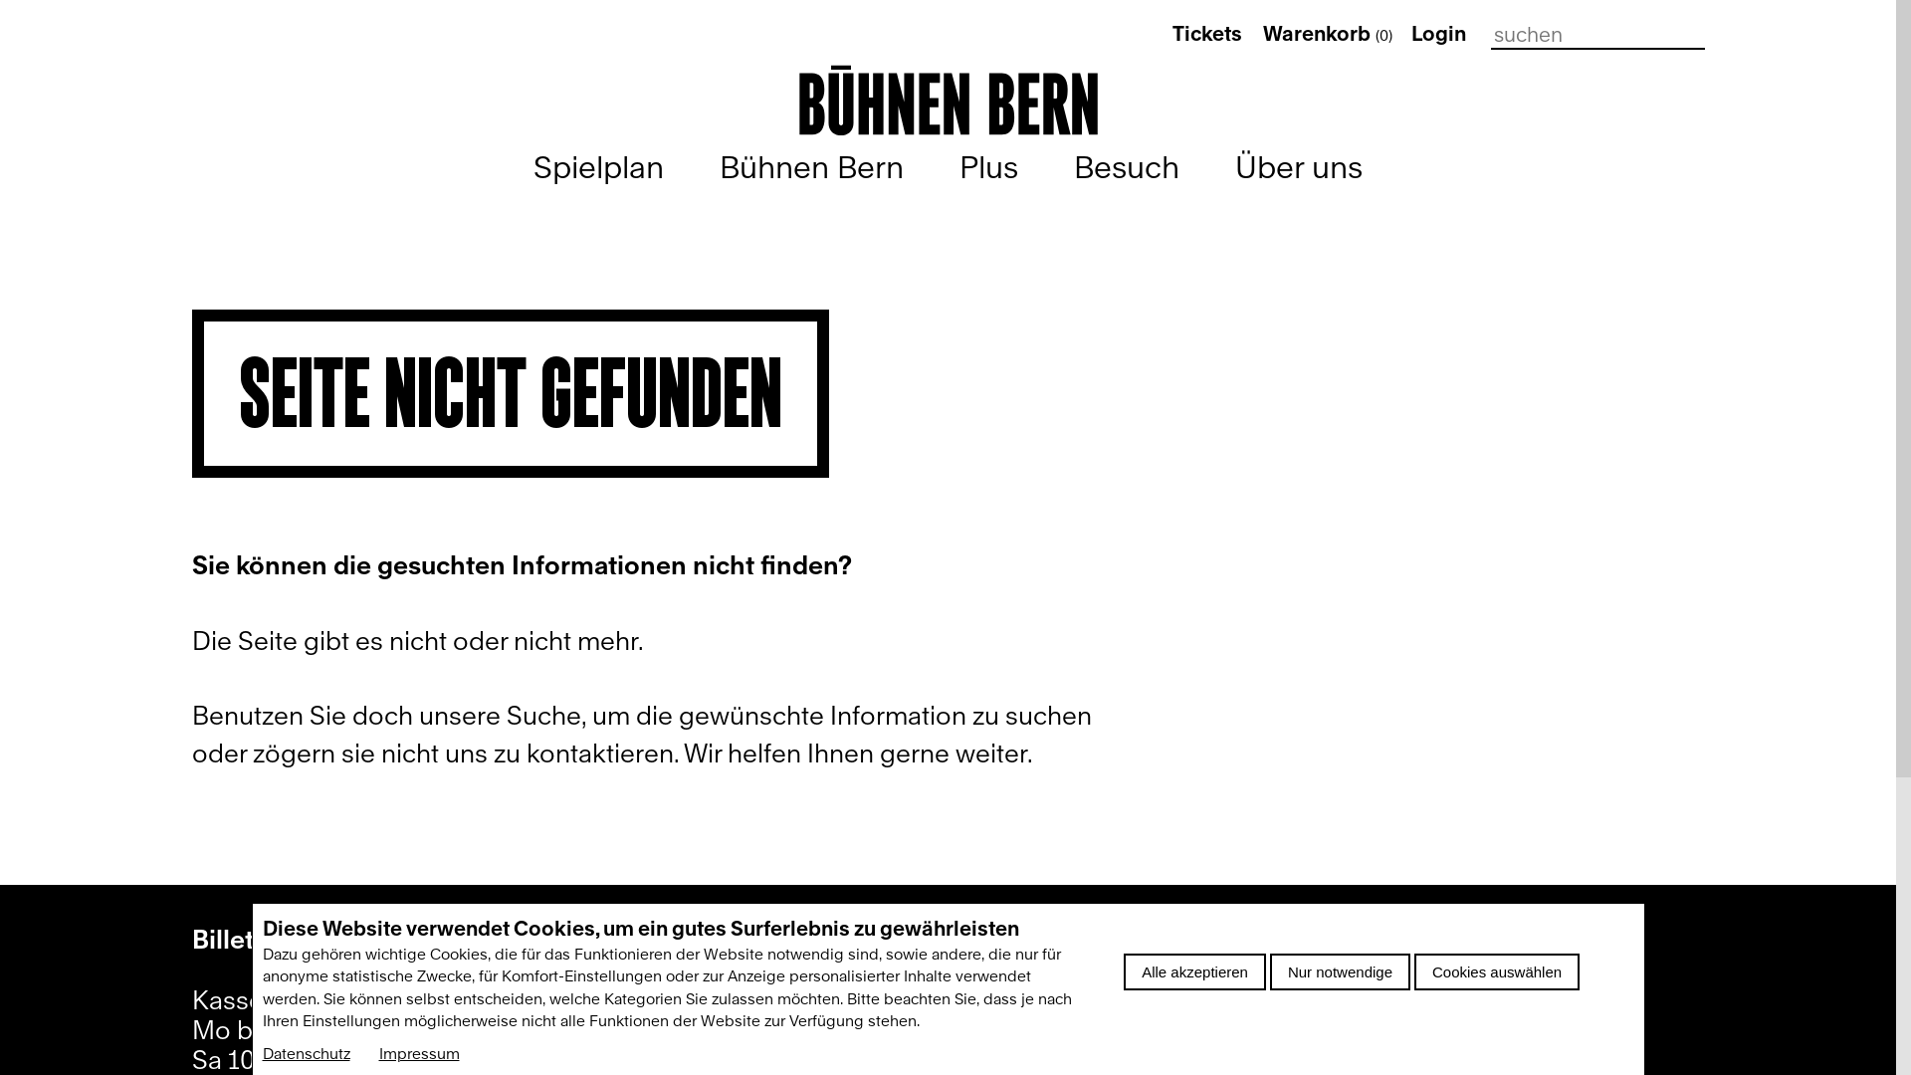 The height and width of the screenshot is (1075, 1911). Describe the element at coordinates (1127, 166) in the screenshot. I see `'Besuch'` at that location.